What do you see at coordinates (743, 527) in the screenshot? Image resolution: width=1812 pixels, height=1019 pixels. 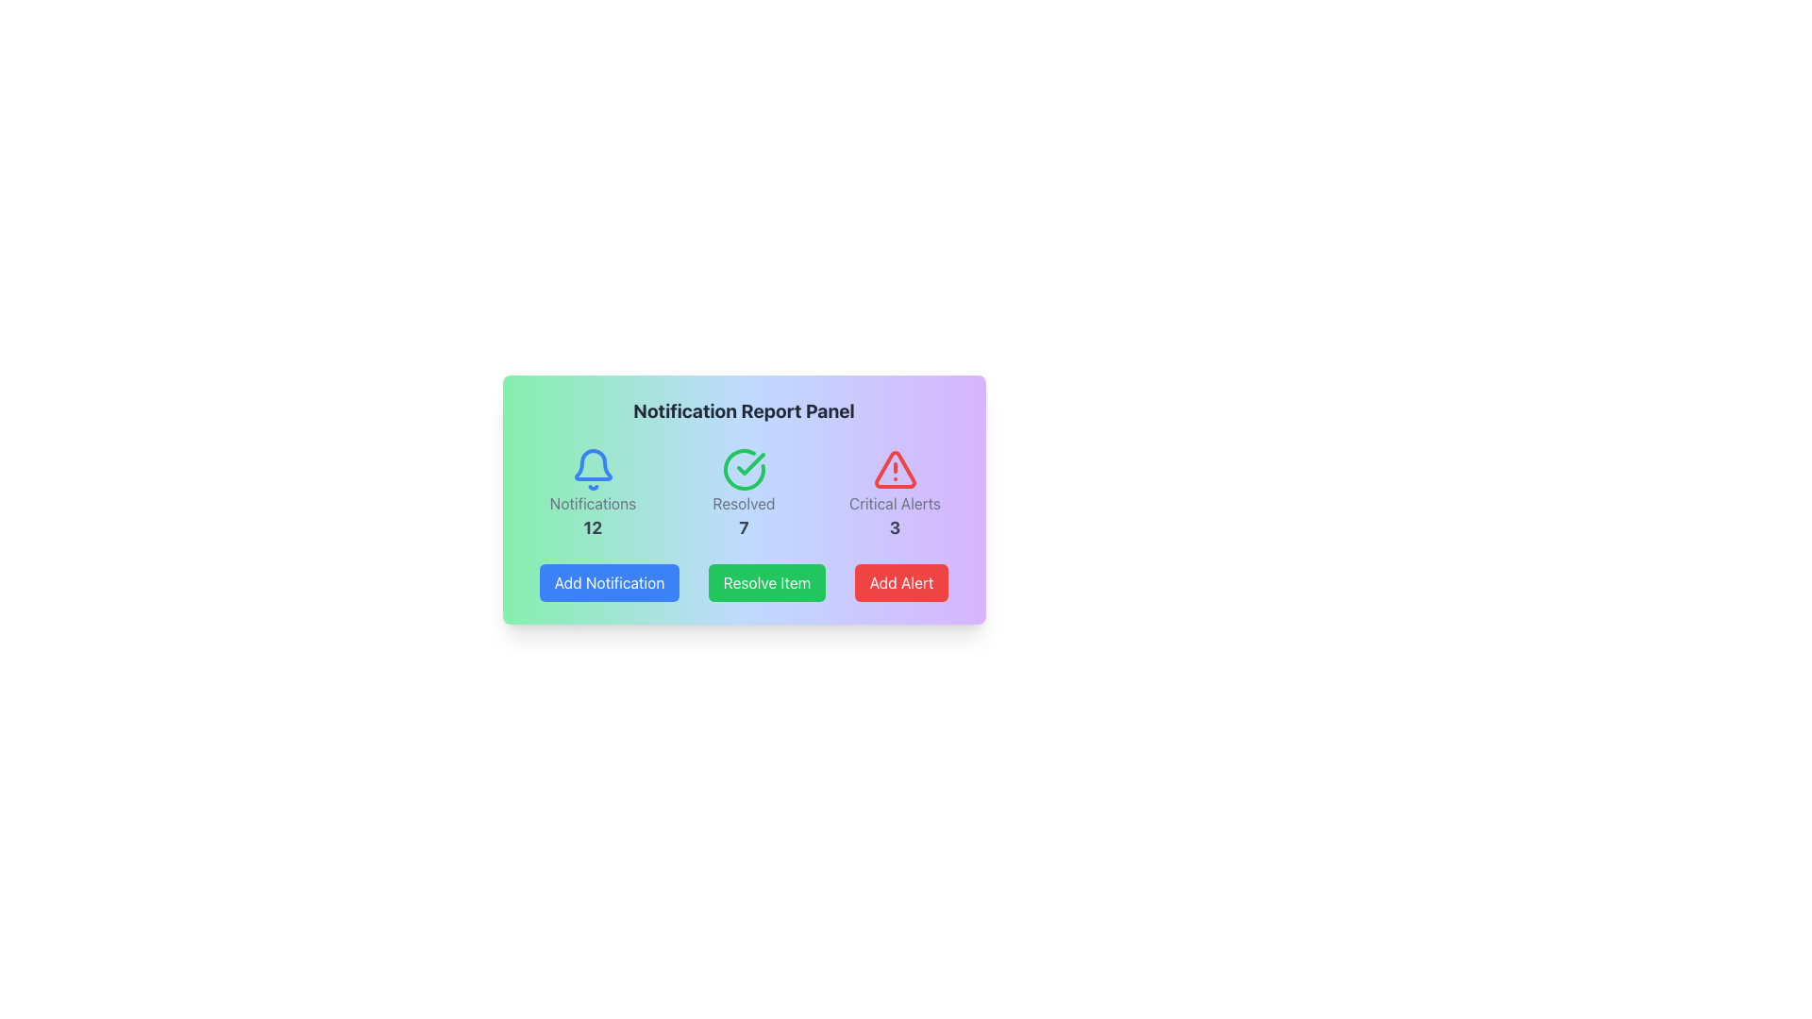 I see `the numeral '7' displayed in bold and large dark gray font beneath the 'Resolved' label in the notification summary panel` at bounding box center [743, 527].